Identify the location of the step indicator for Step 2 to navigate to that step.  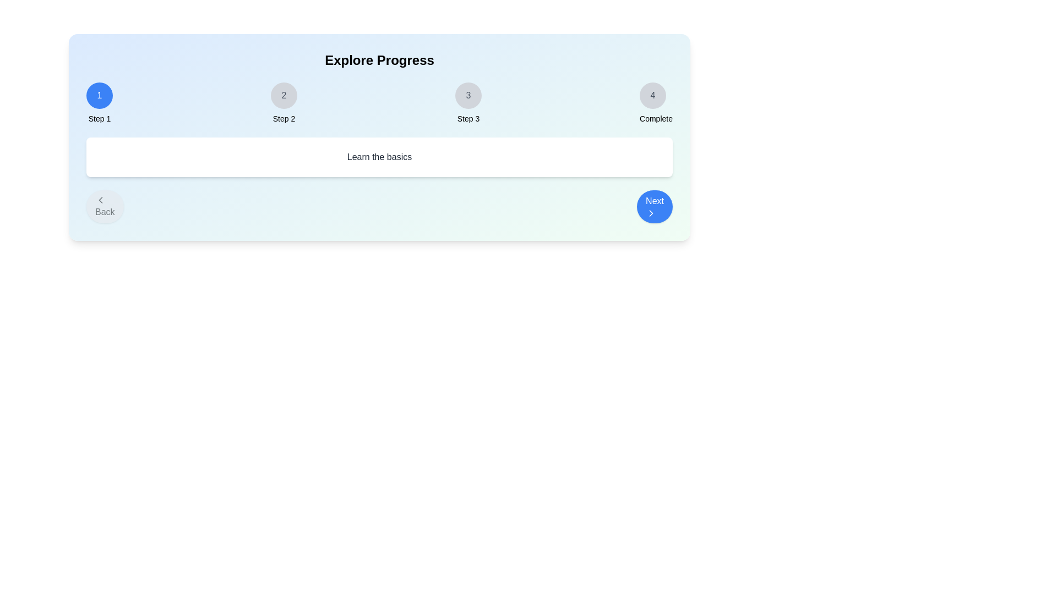
(284, 95).